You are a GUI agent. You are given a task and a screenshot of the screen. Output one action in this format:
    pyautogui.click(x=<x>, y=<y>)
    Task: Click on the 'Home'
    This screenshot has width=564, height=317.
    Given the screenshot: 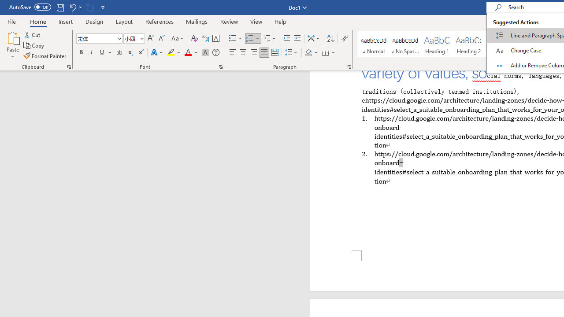 What is the action you would take?
    pyautogui.click(x=37, y=21)
    